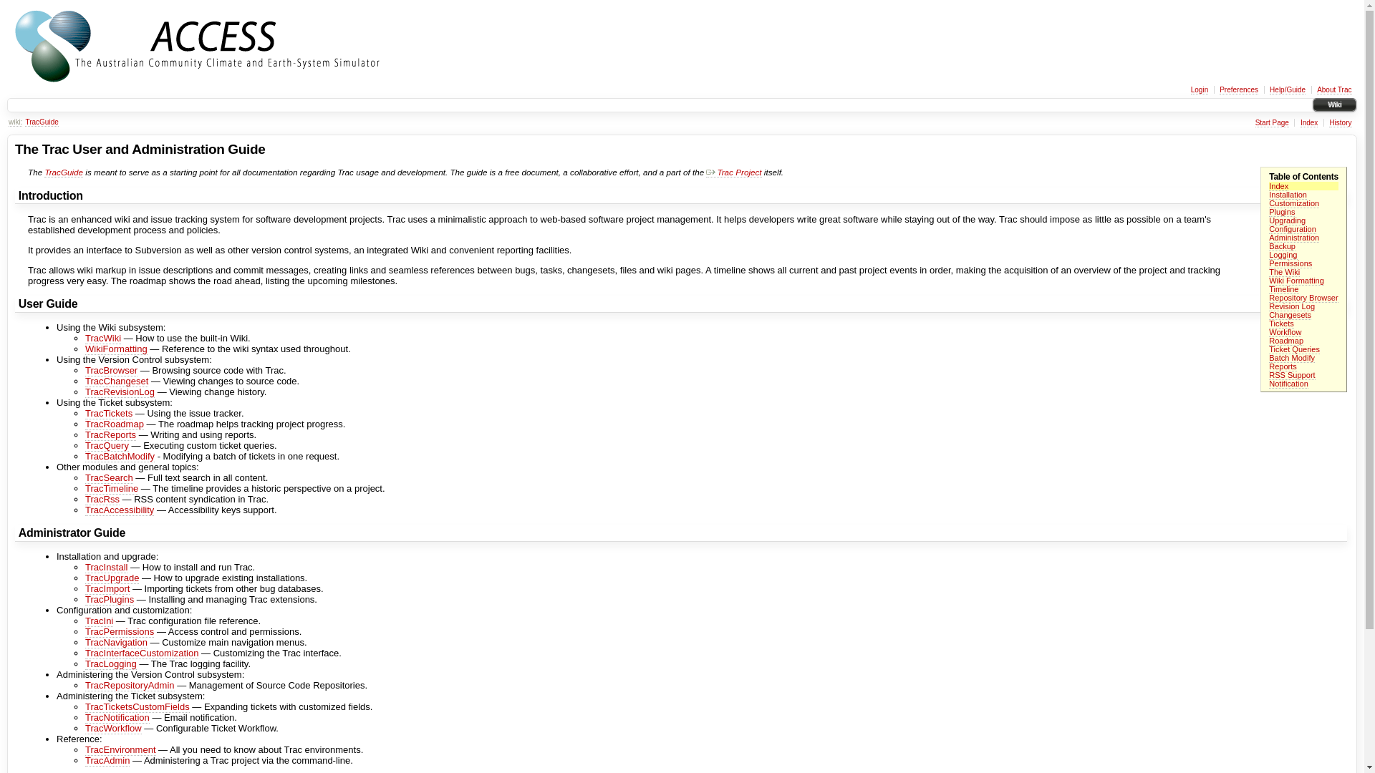 The image size is (1375, 773). Describe the element at coordinates (117, 717) in the screenshot. I see `'TracNotification'` at that location.